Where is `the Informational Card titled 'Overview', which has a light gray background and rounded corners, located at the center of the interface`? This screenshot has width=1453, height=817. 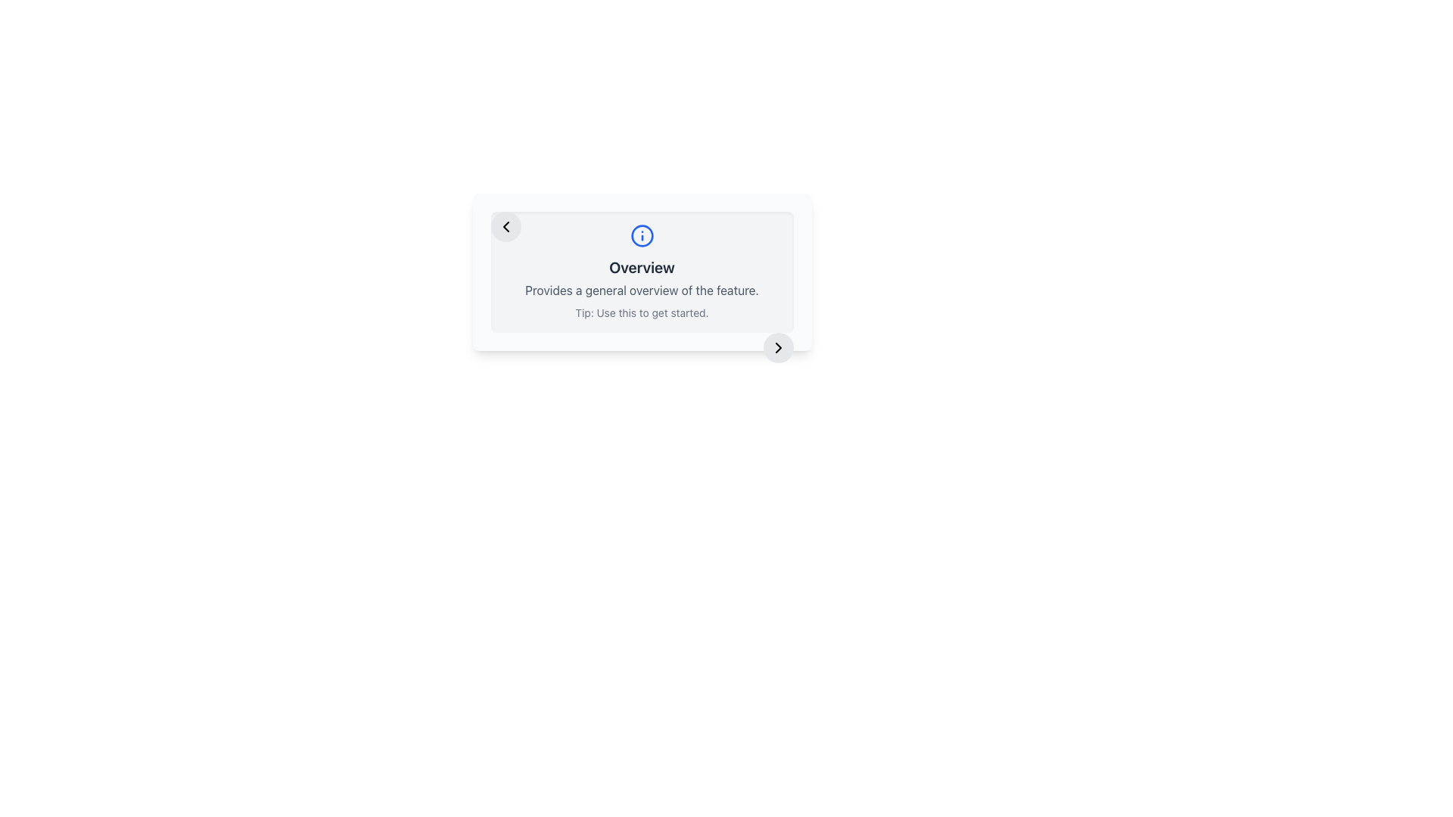
the Informational Card titled 'Overview', which has a light gray background and rounded corners, located at the center of the interface is located at coordinates (642, 271).